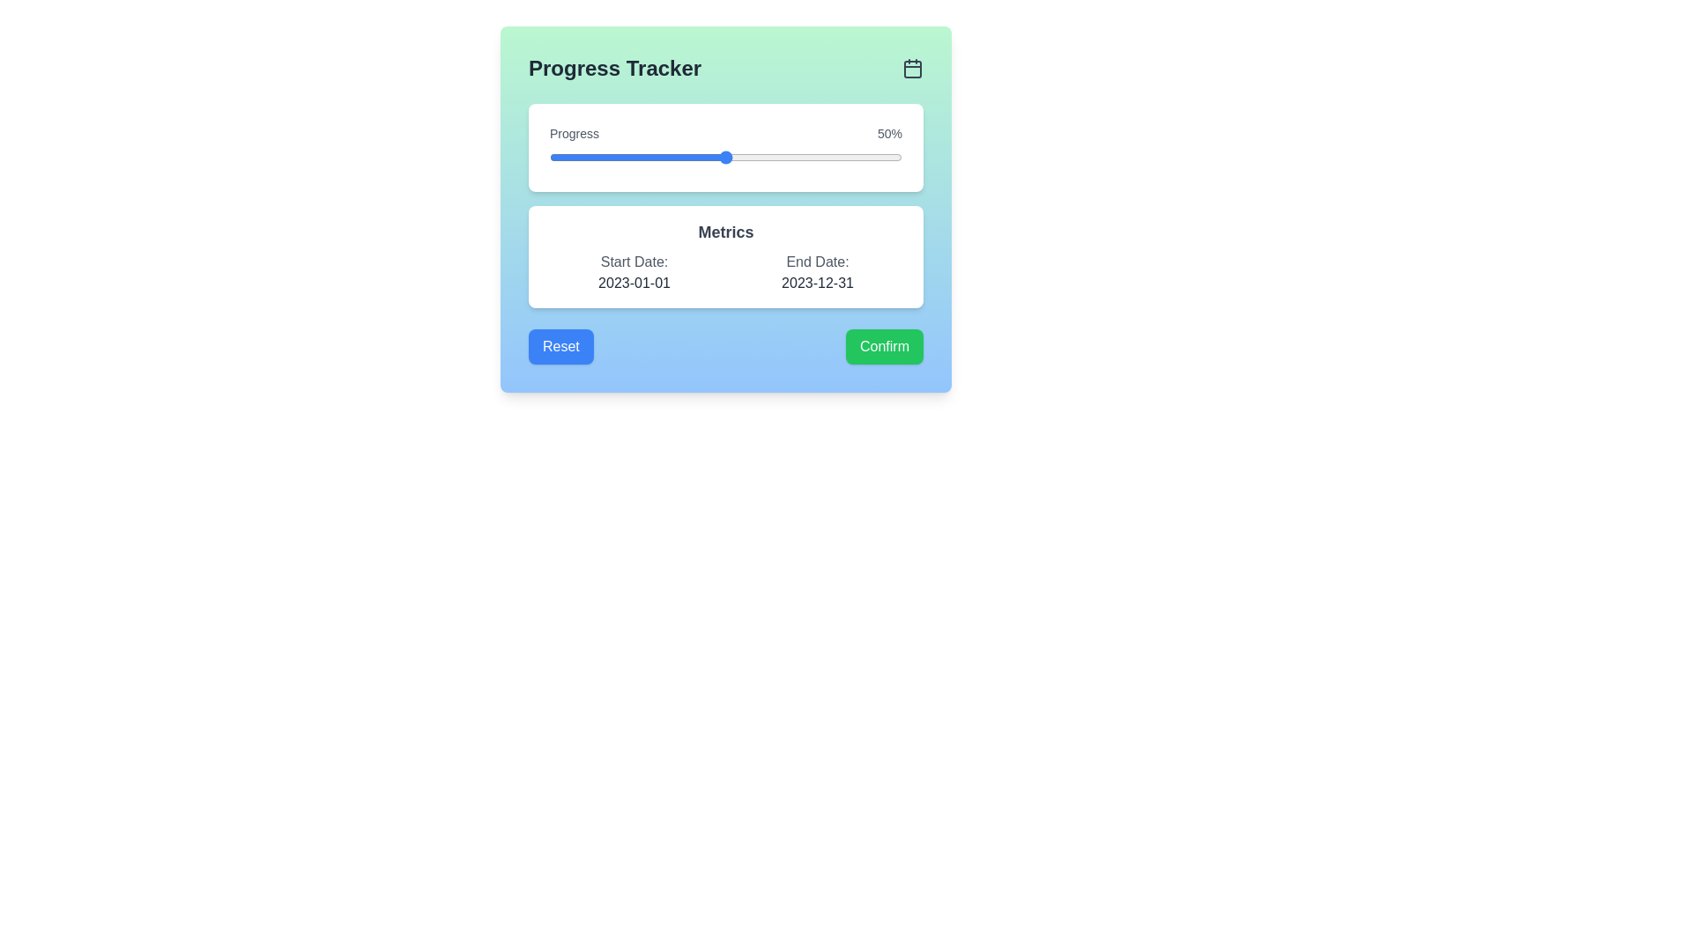  Describe the element at coordinates (889, 132) in the screenshot. I see `the text label displaying '50%' which indicates the progress percentage, located at the far-right end of the progress bar` at that location.